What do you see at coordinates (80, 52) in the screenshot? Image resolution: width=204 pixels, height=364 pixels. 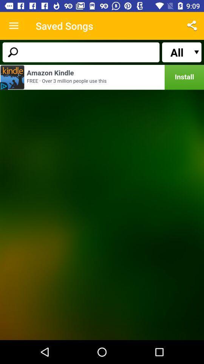 I see `typing box` at bounding box center [80, 52].